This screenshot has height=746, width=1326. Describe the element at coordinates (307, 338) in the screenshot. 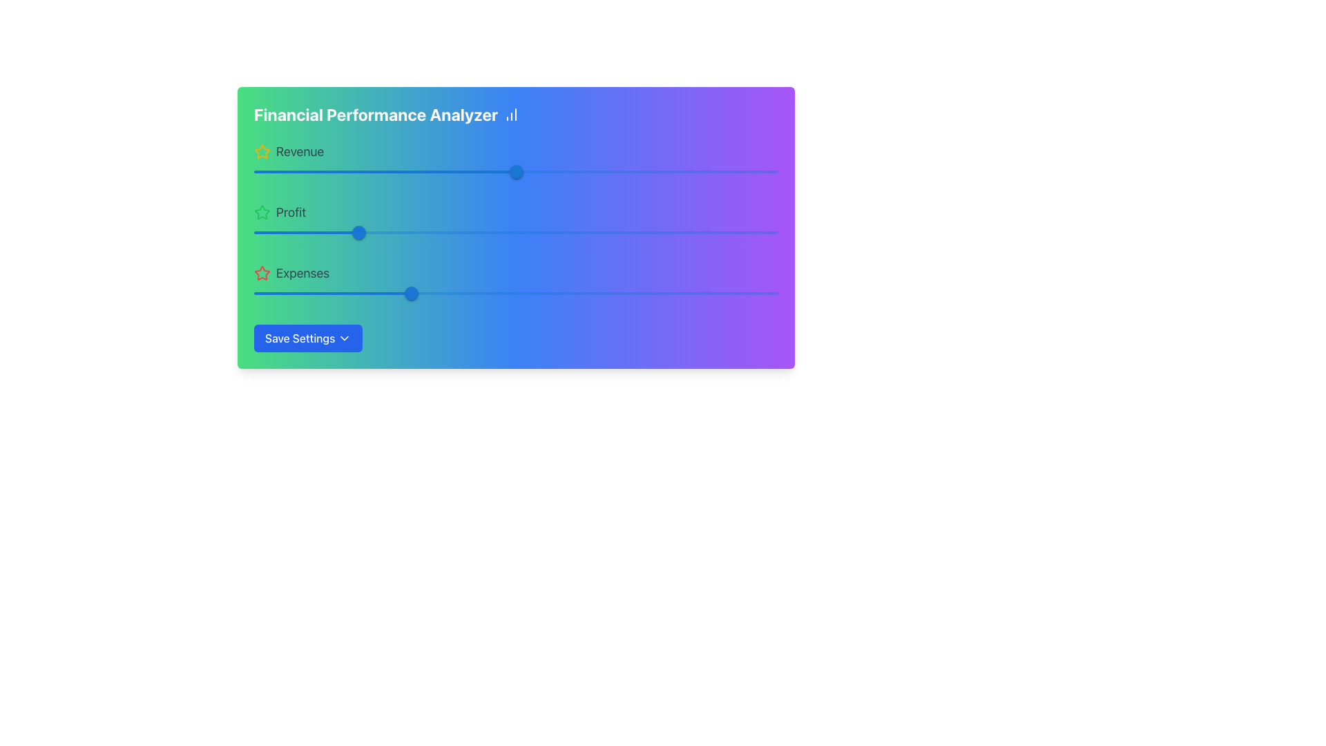

I see `the 'Save Settings' button with integrated dropdown functionality` at that location.